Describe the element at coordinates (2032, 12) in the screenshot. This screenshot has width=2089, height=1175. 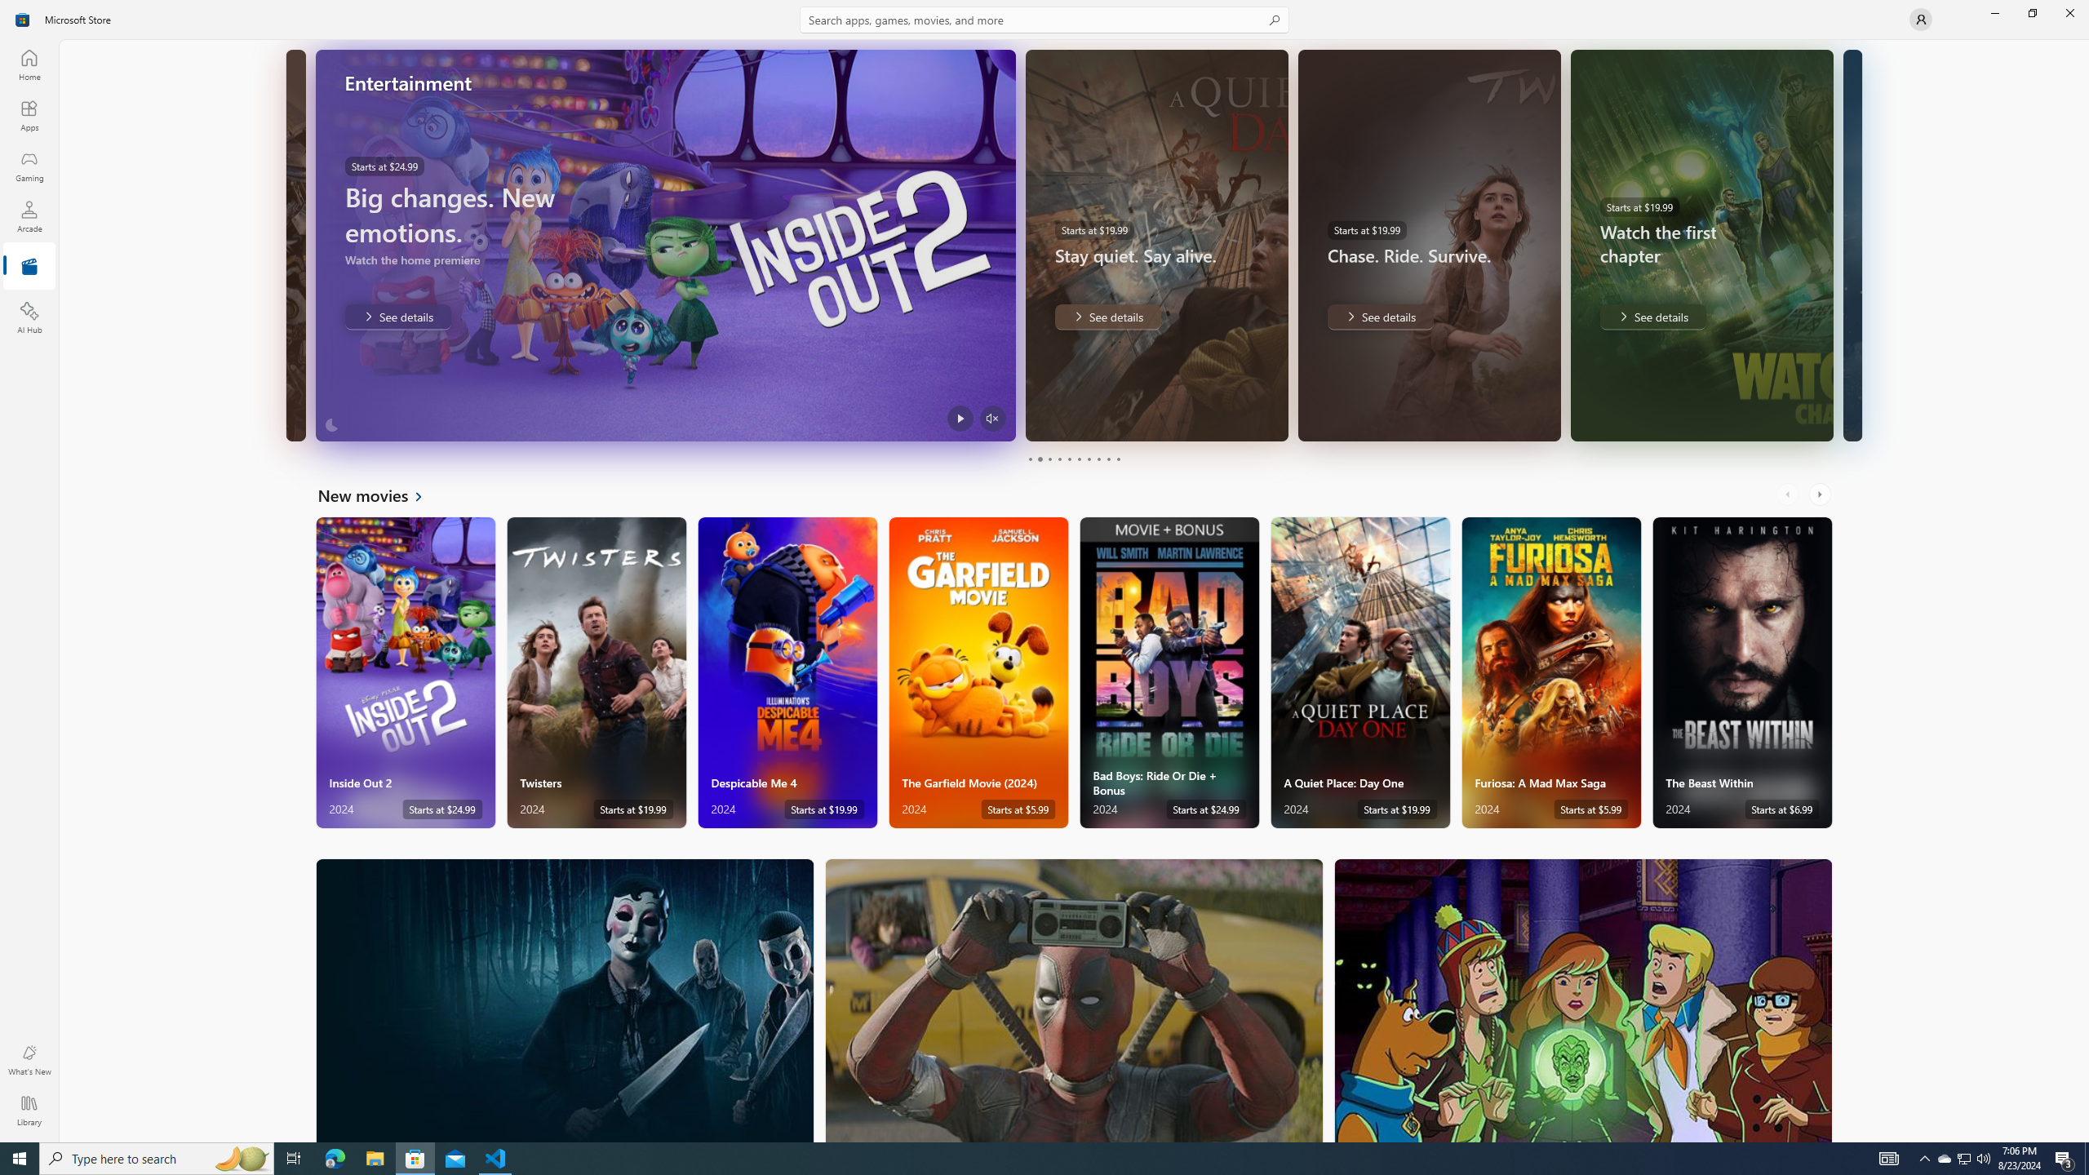
I see `'Restore Microsoft Store'` at that location.